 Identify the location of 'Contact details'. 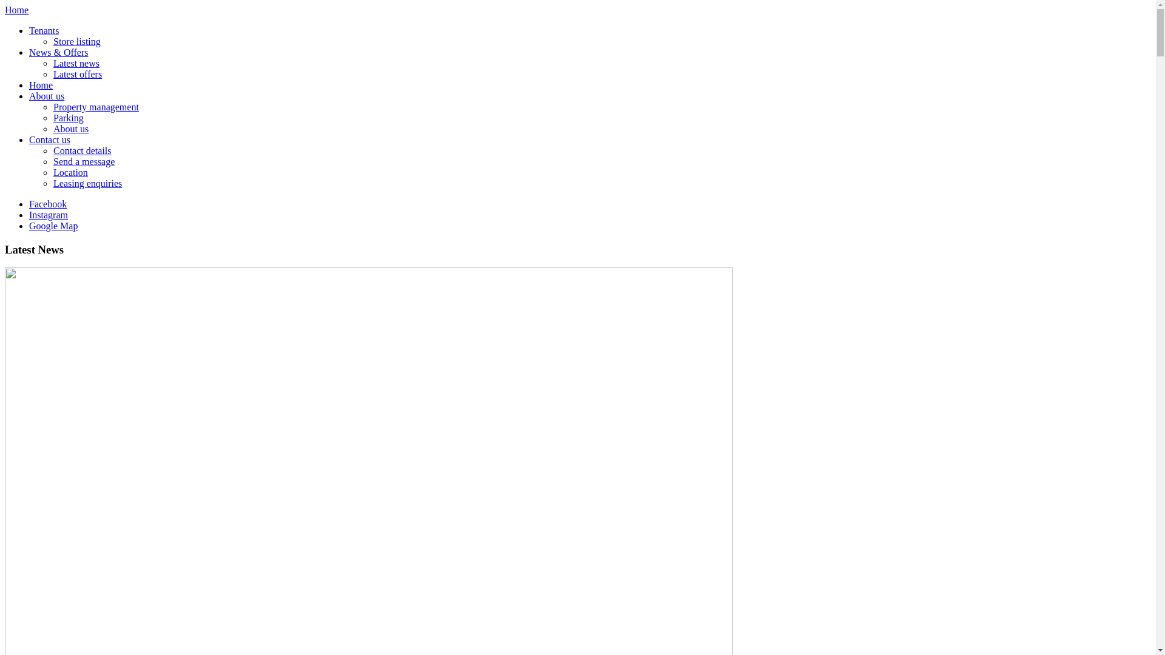
(81, 150).